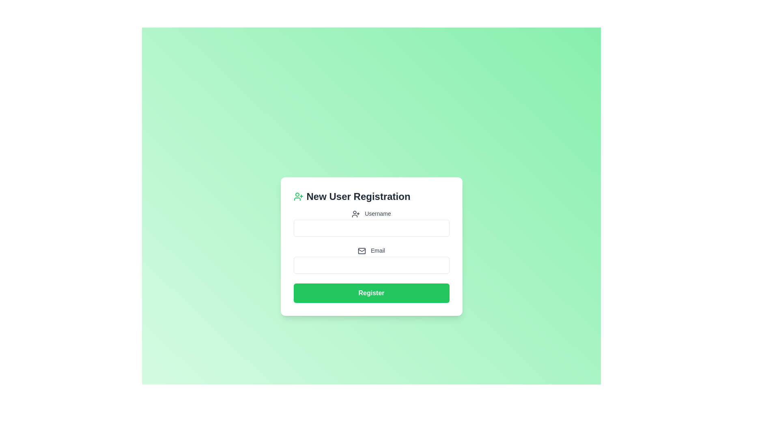 The image size is (779, 438). What do you see at coordinates (371, 196) in the screenshot?
I see `text of the heading element located at the top of the registration form, which serves as the title guiding users on the purpose of the interface` at bounding box center [371, 196].